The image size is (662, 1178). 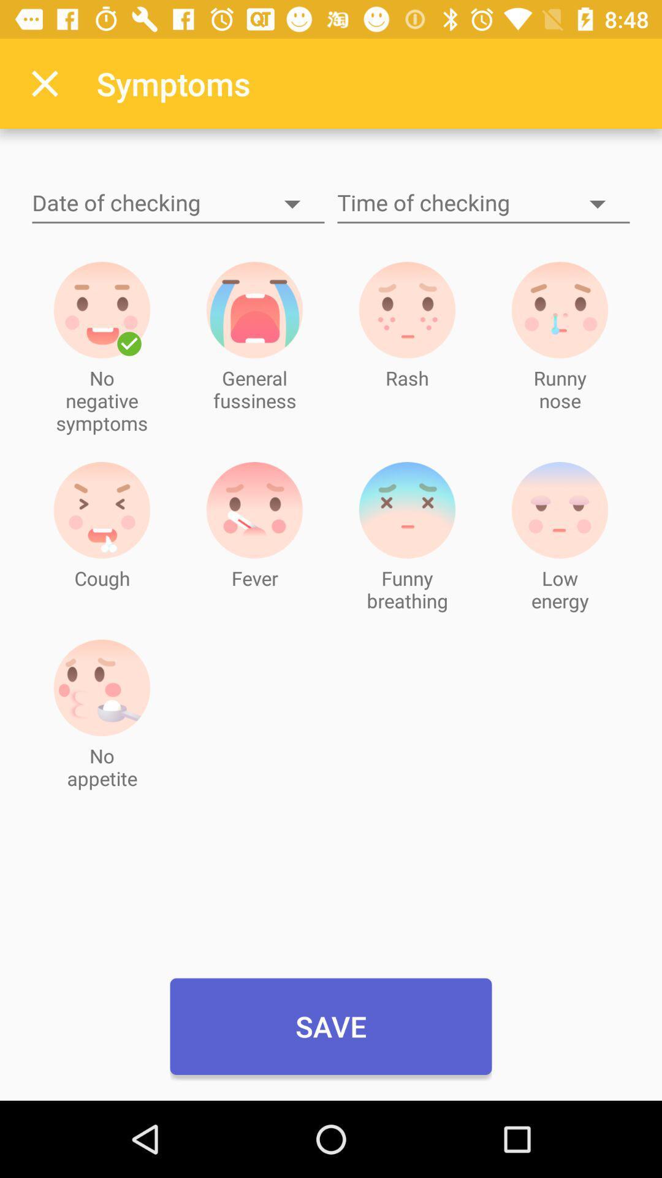 What do you see at coordinates (483, 204) in the screenshot?
I see `time checking toggle` at bounding box center [483, 204].